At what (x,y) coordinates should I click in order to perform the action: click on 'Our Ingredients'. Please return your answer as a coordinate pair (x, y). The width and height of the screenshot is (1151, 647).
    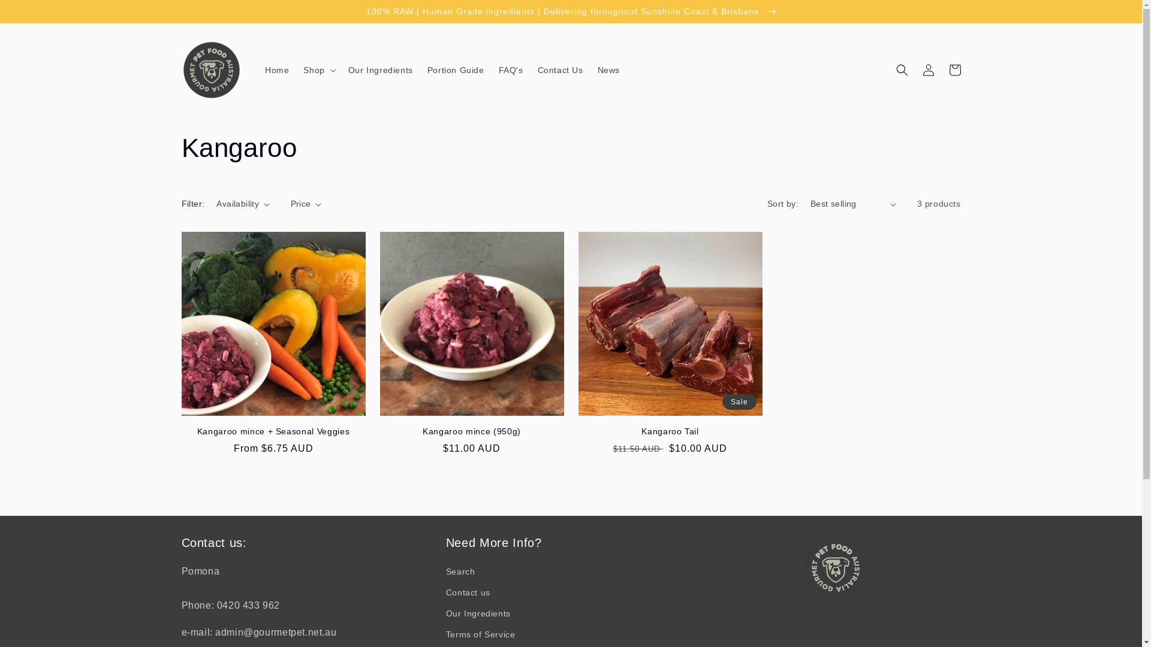
    Looking at the image, I should click on (341, 69).